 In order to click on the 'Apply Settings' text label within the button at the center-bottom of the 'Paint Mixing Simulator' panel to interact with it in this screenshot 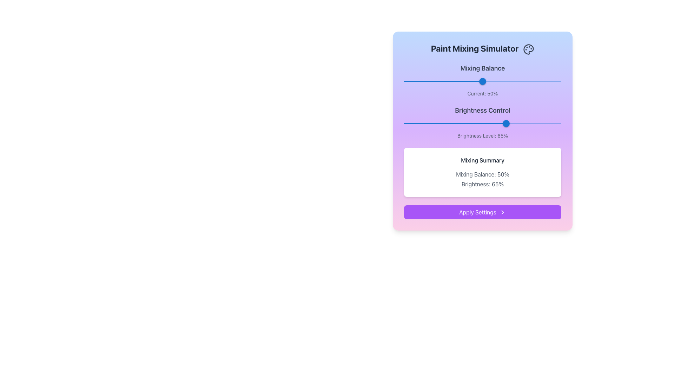, I will do `click(477, 212)`.